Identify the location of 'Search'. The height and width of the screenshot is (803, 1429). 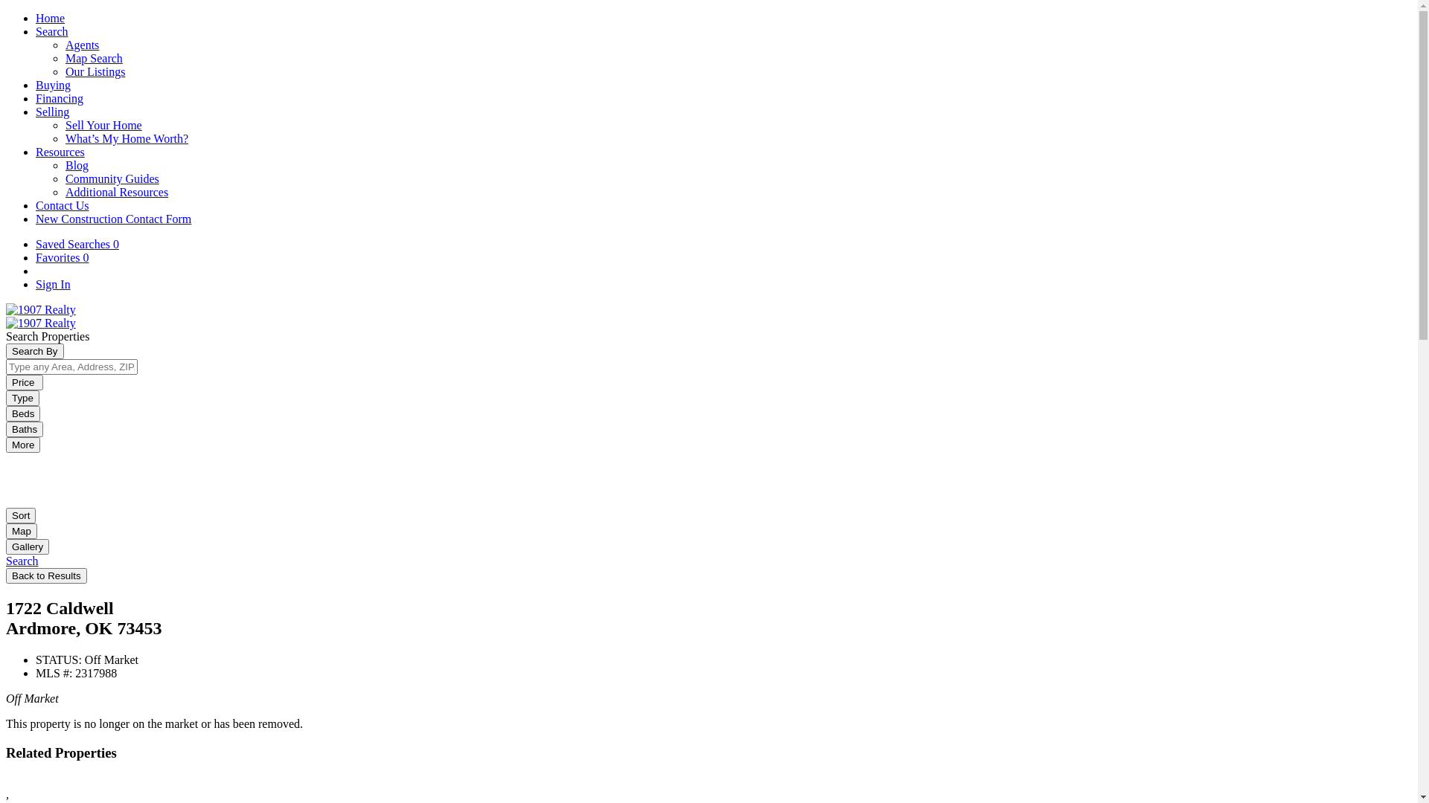
(22, 561).